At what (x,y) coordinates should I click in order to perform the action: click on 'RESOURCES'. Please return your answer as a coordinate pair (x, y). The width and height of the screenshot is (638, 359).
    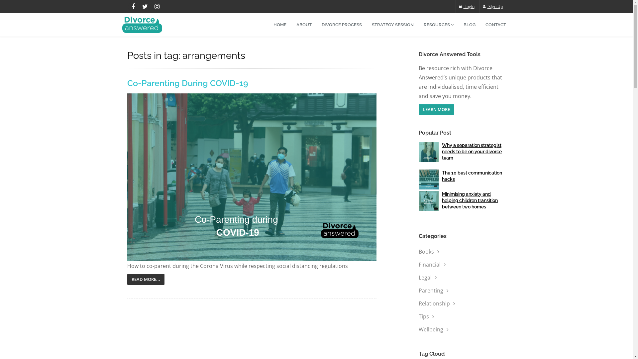
    Looking at the image, I should click on (439, 24).